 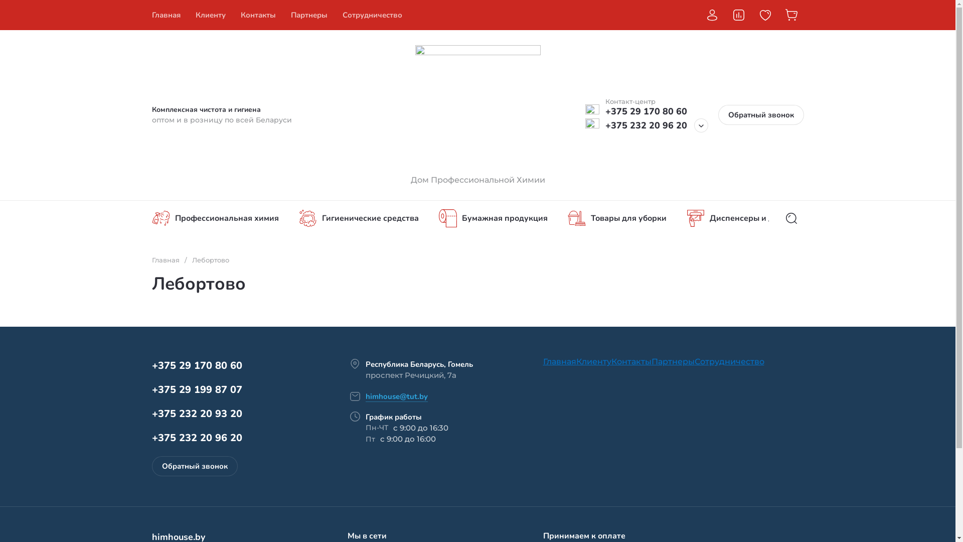 What do you see at coordinates (197, 437) in the screenshot?
I see `'+375 232 20 96 20'` at bounding box center [197, 437].